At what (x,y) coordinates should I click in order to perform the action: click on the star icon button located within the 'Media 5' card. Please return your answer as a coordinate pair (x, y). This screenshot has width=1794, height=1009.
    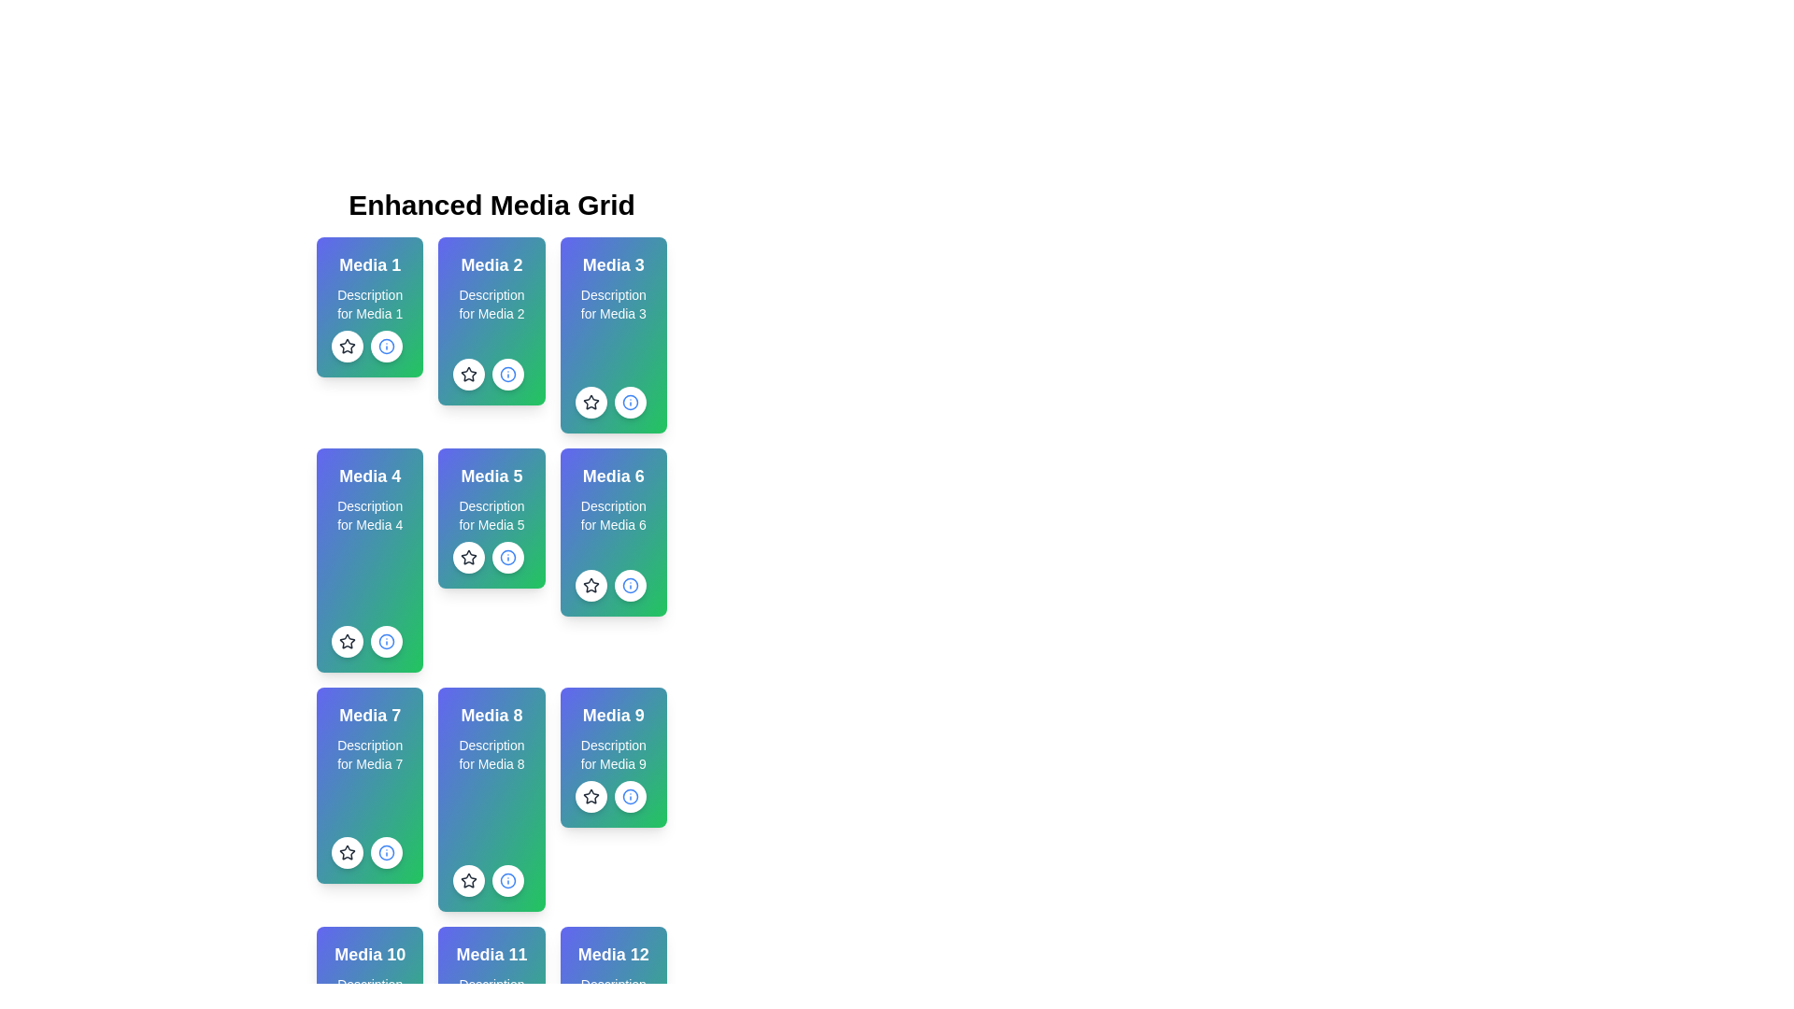
    Looking at the image, I should click on (469, 557).